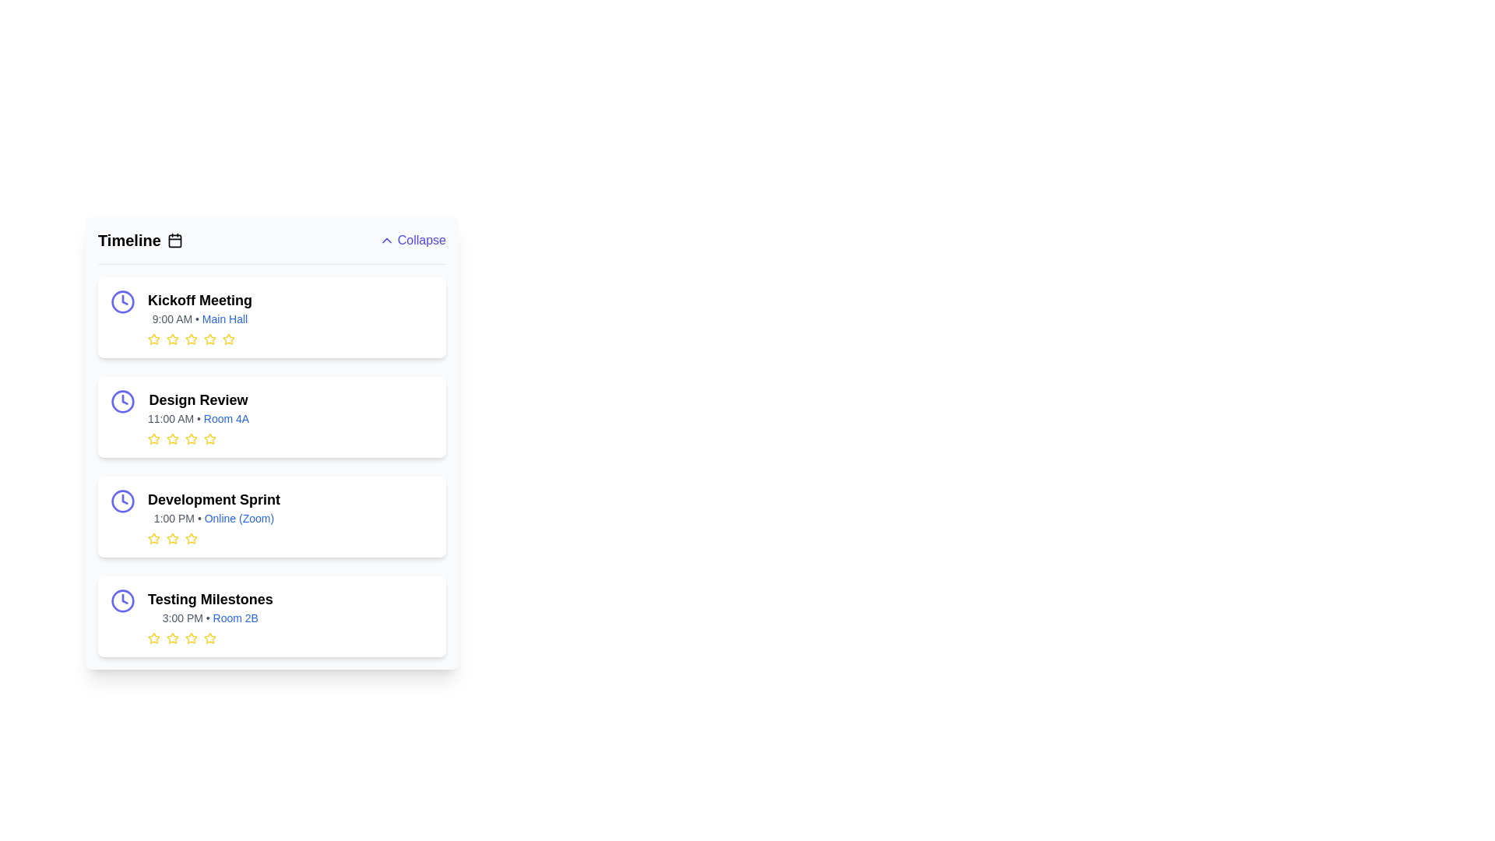 The height and width of the screenshot is (841, 1495). I want to click on the blueish-indigo clock icon located at the top left corner of the second entry in the 'Timeline' list for more details, so click(122, 401).